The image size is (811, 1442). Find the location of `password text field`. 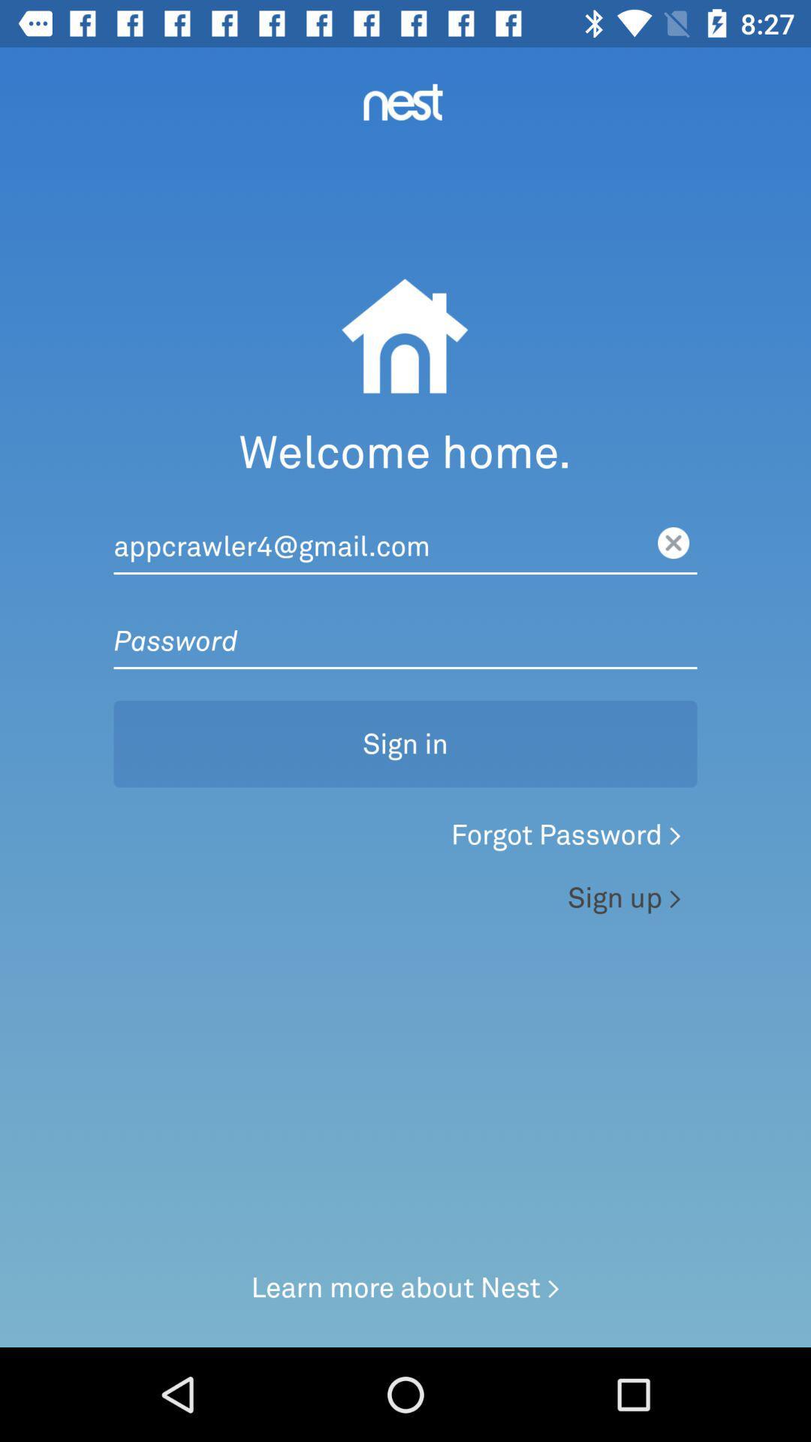

password text field is located at coordinates (405, 626).